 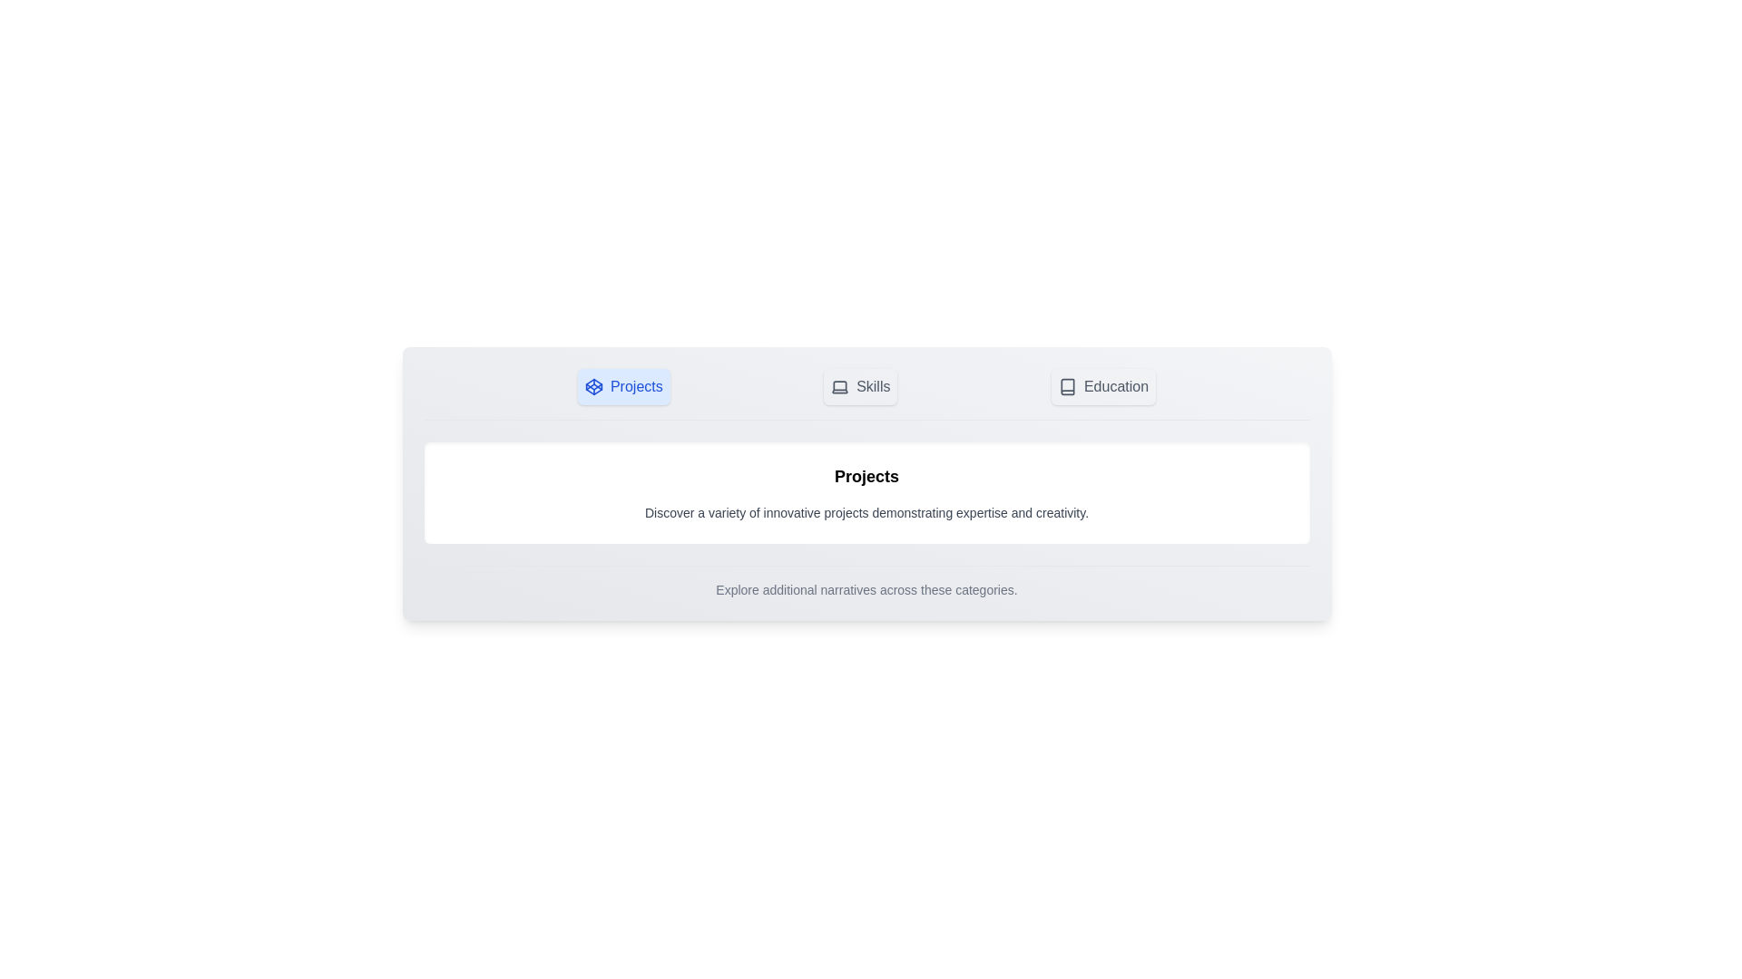 What do you see at coordinates (1067, 386) in the screenshot?
I see `the 'Education' button by clicking on the icon to navigate or trigger an action` at bounding box center [1067, 386].